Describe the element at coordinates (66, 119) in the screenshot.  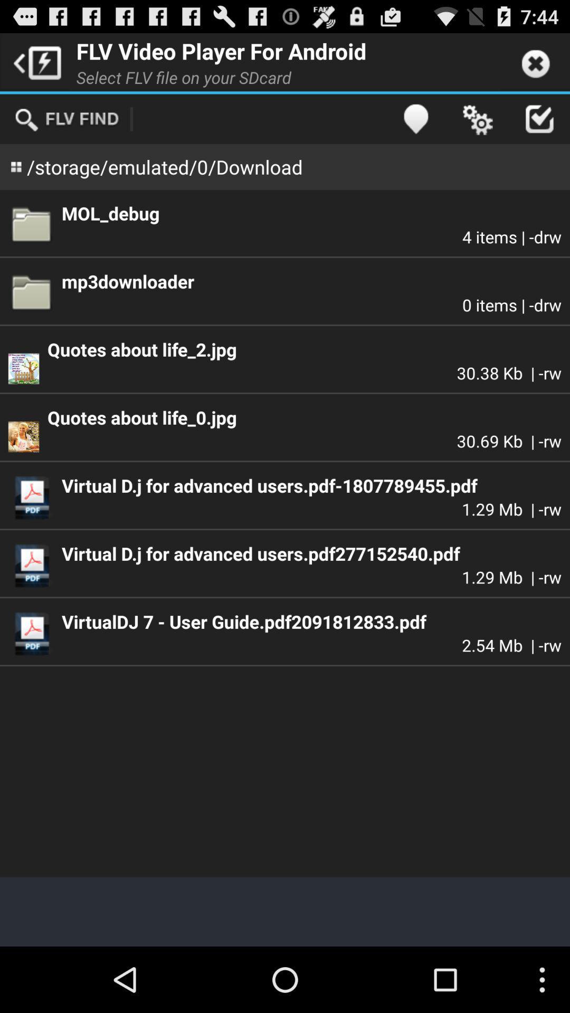
I see `the item above storage emulated 0` at that location.